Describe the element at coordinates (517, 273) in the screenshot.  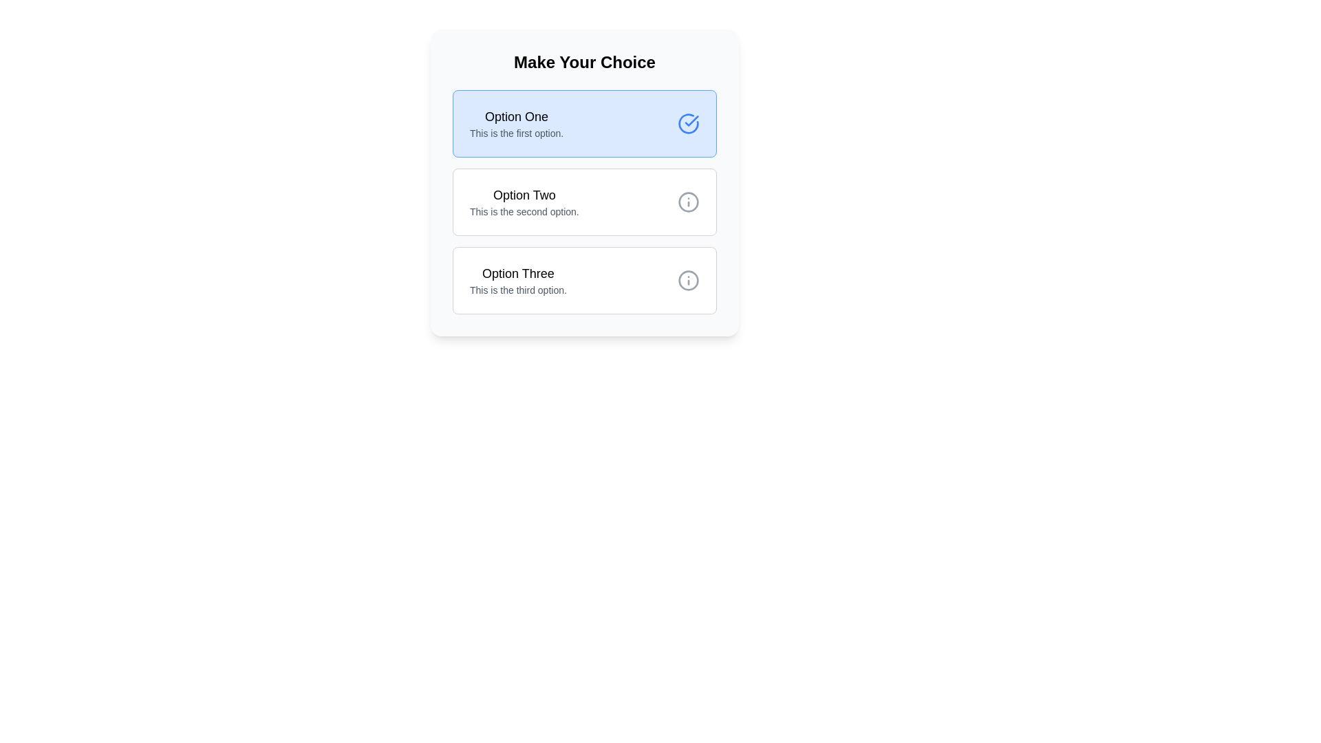
I see `the static text label 'Option Three', which is prominently displayed in the third section of the vertically aligned selection menu` at that location.